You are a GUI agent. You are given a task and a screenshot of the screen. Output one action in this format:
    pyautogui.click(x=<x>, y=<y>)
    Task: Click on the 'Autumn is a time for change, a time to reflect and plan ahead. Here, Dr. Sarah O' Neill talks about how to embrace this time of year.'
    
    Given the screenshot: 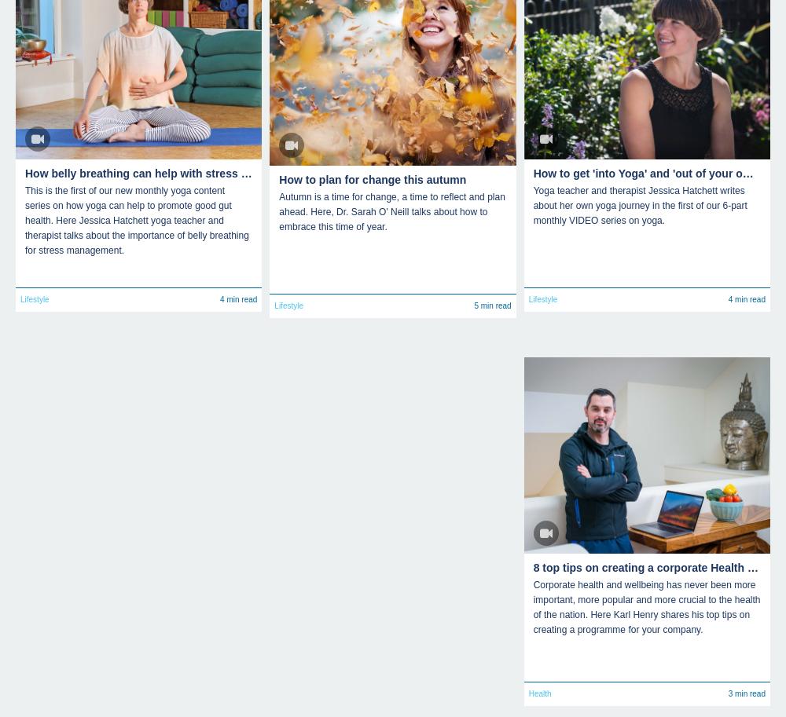 What is the action you would take?
    pyautogui.click(x=391, y=211)
    